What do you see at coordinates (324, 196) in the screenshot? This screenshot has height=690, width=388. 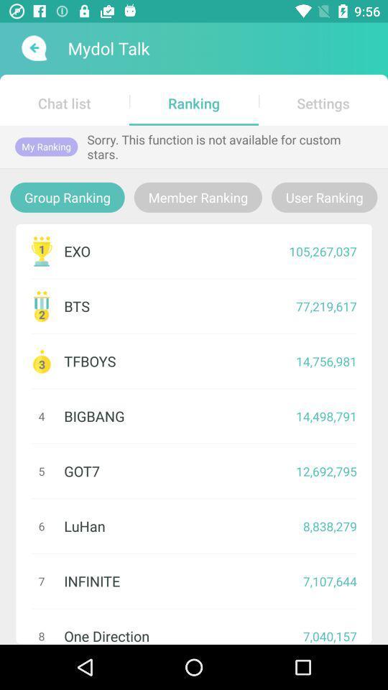 I see `the icon above exo` at bounding box center [324, 196].